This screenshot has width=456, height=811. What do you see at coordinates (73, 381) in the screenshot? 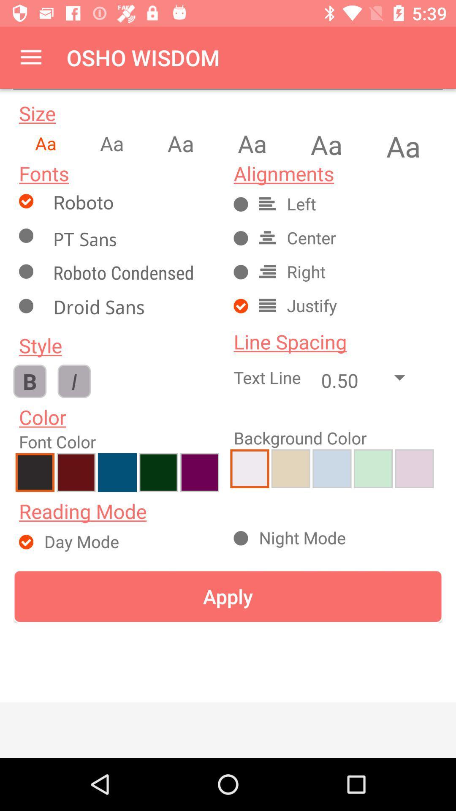
I see `the icon to the left of the text line item` at bounding box center [73, 381].